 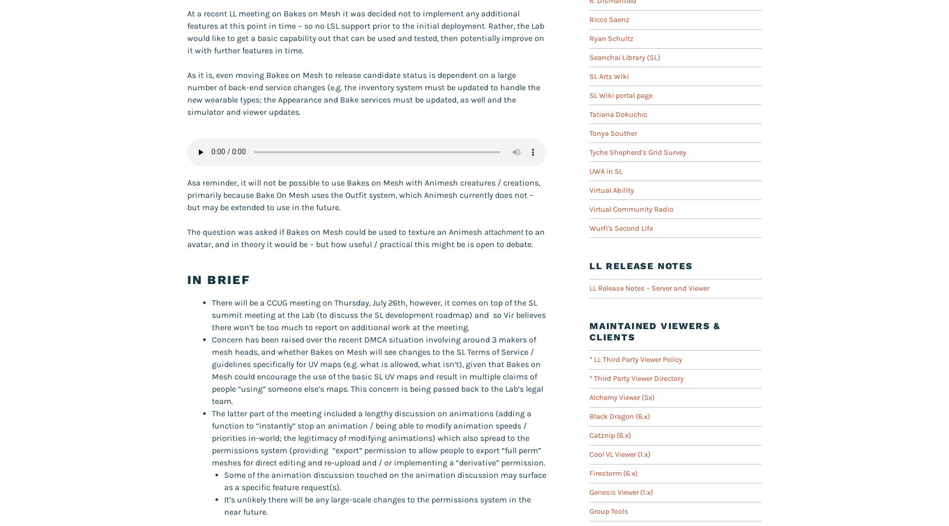 What do you see at coordinates (618, 114) in the screenshot?
I see `'Tatiana Dokuchic'` at bounding box center [618, 114].